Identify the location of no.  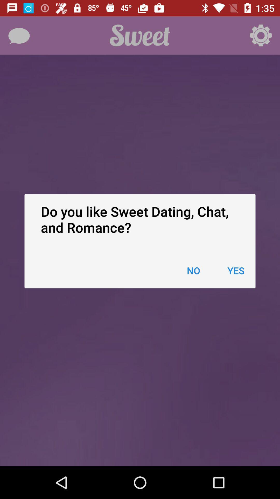
(193, 270).